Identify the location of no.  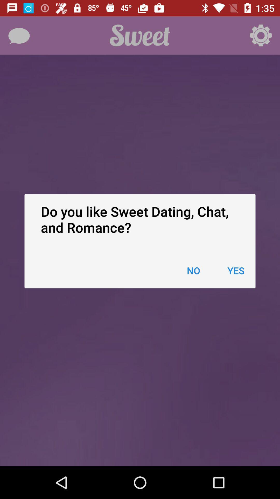
(193, 270).